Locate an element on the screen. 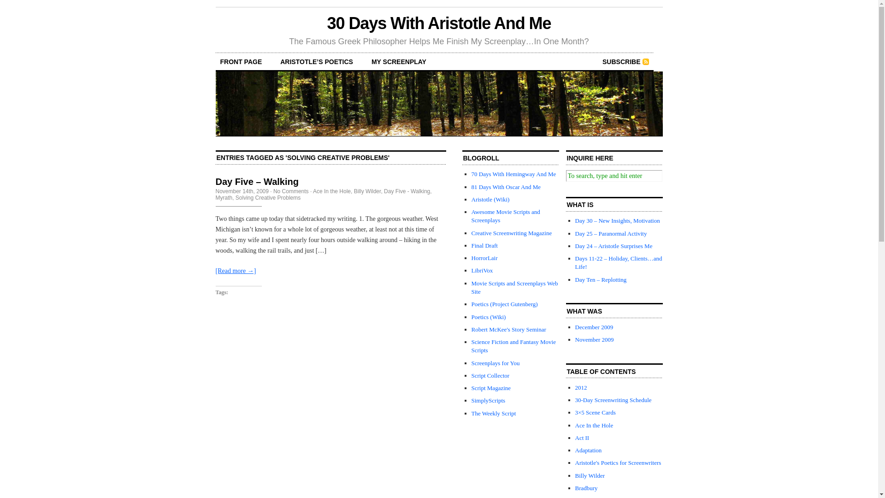 This screenshot has height=498, width=885. '30-Day Screenwriting Schedule' is located at coordinates (613, 399).